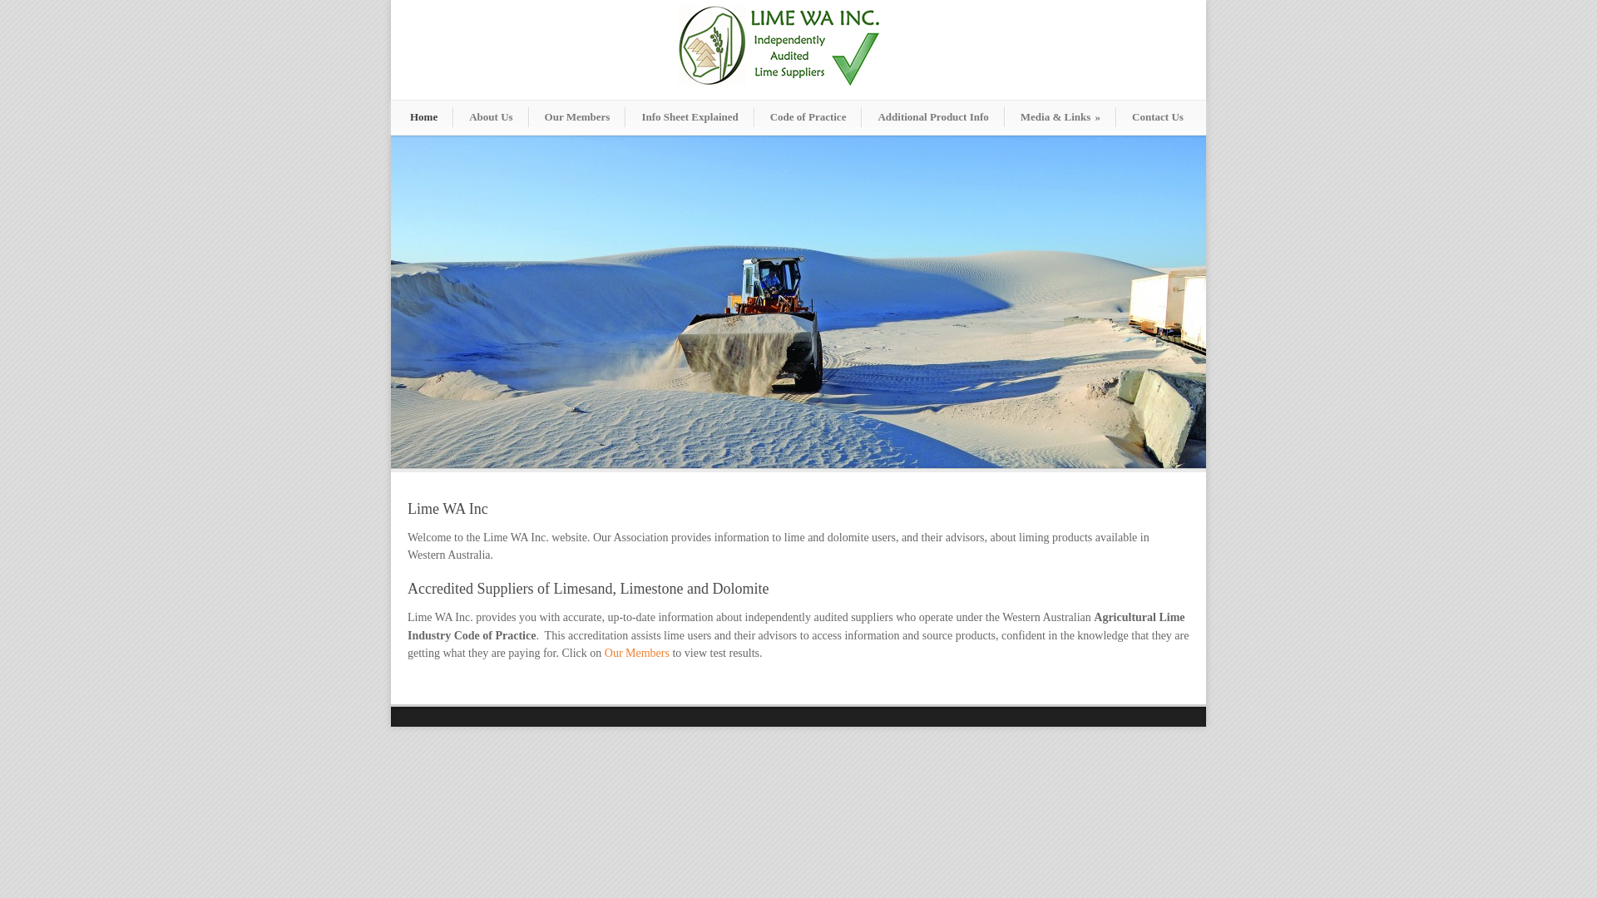 The height and width of the screenshot is (898, 1597). Describe the element at coordinates (490, 116) in the screenshot. I see `'About Us'` at that location.